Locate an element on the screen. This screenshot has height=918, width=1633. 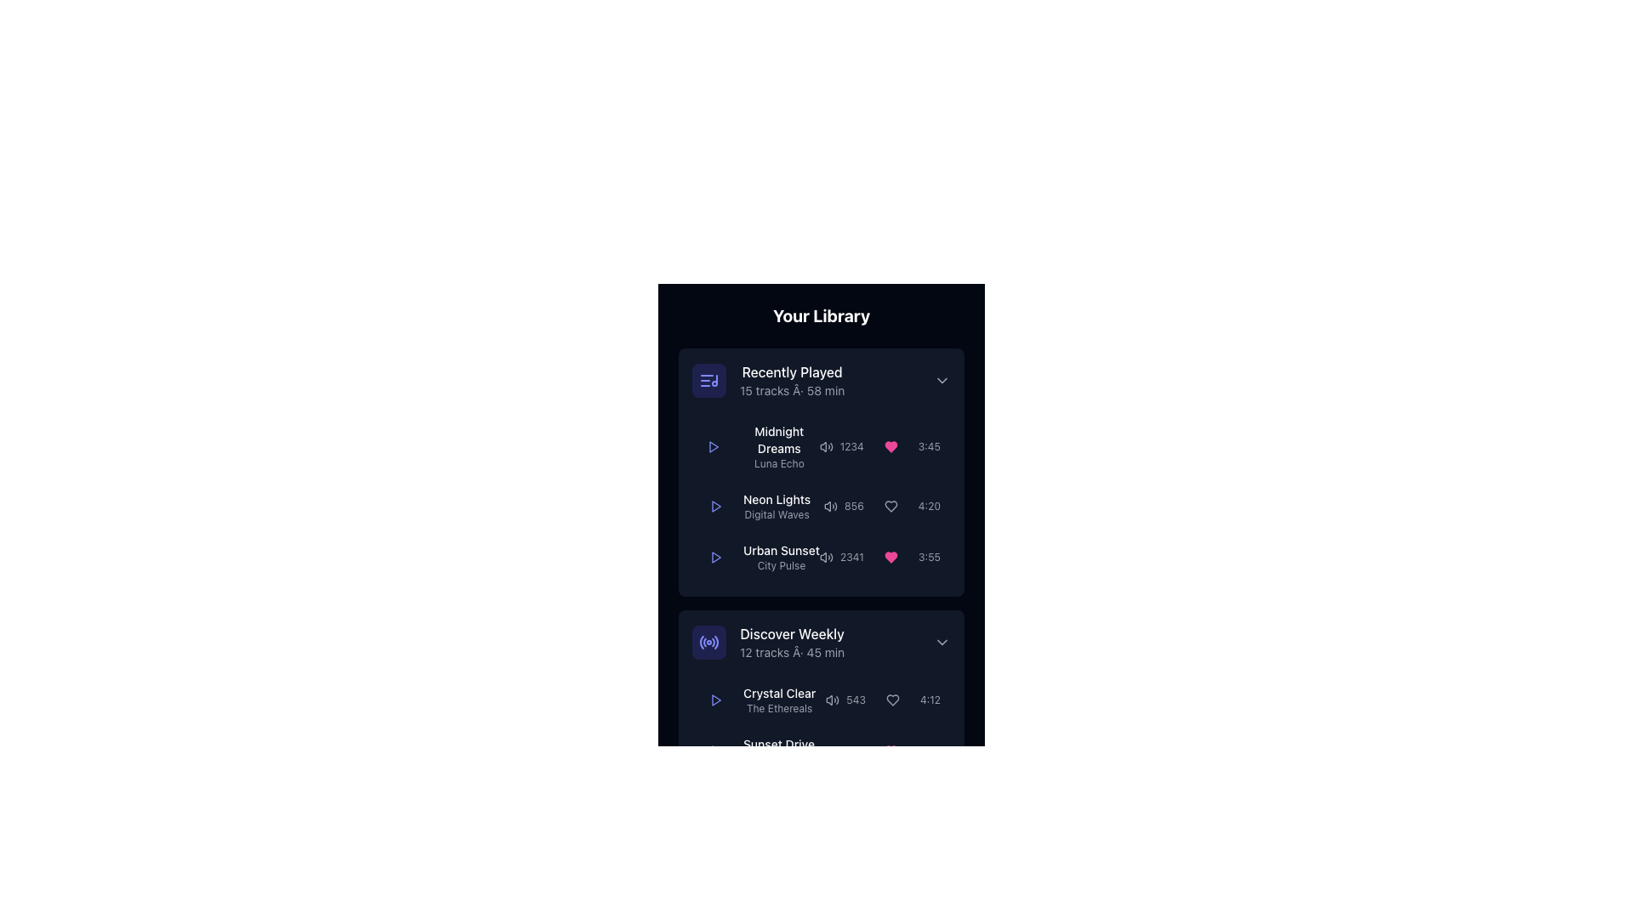
the static text label 'Digital Waves' which is styled in a smaller, light gray font and is positioned directly beneath the text 'Neon Lights' in the music playlist entry is located at coordinates (776, 513).